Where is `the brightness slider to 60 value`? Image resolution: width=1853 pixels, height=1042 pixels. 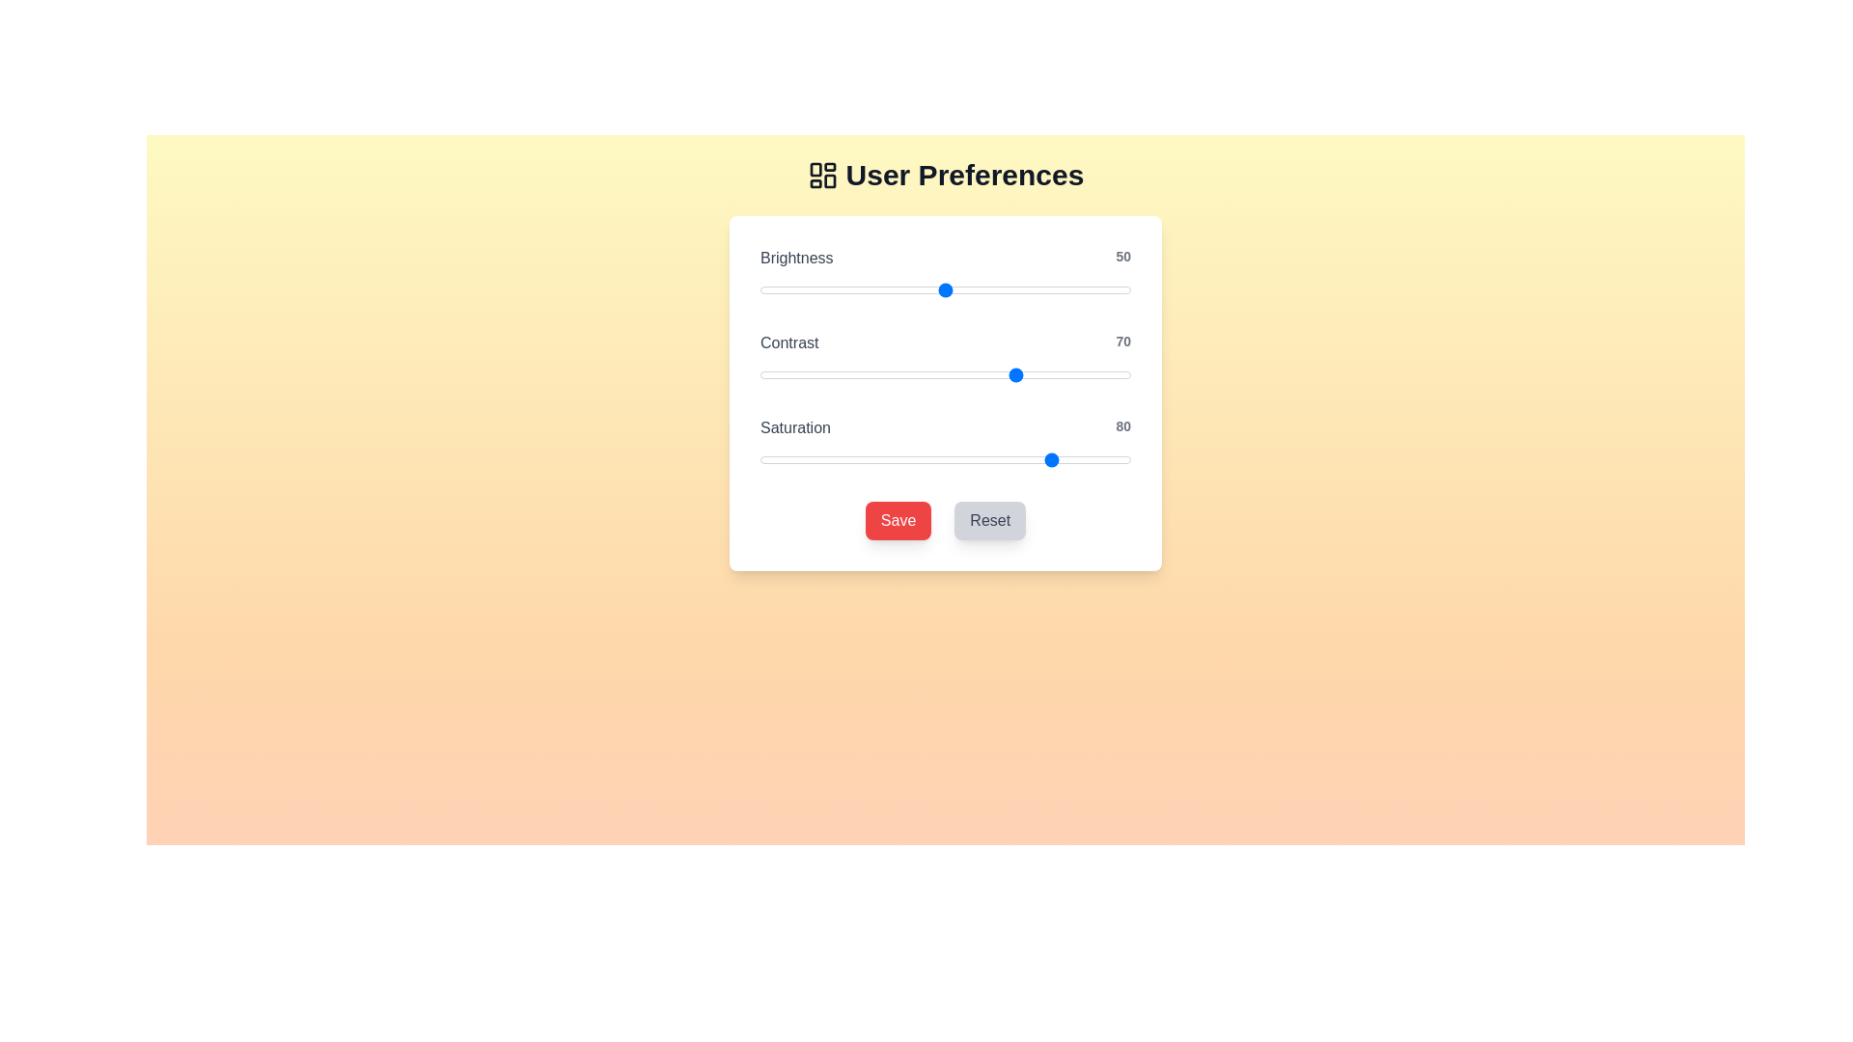
the brightness slider to 60 value is located at coordinates (982, 289).